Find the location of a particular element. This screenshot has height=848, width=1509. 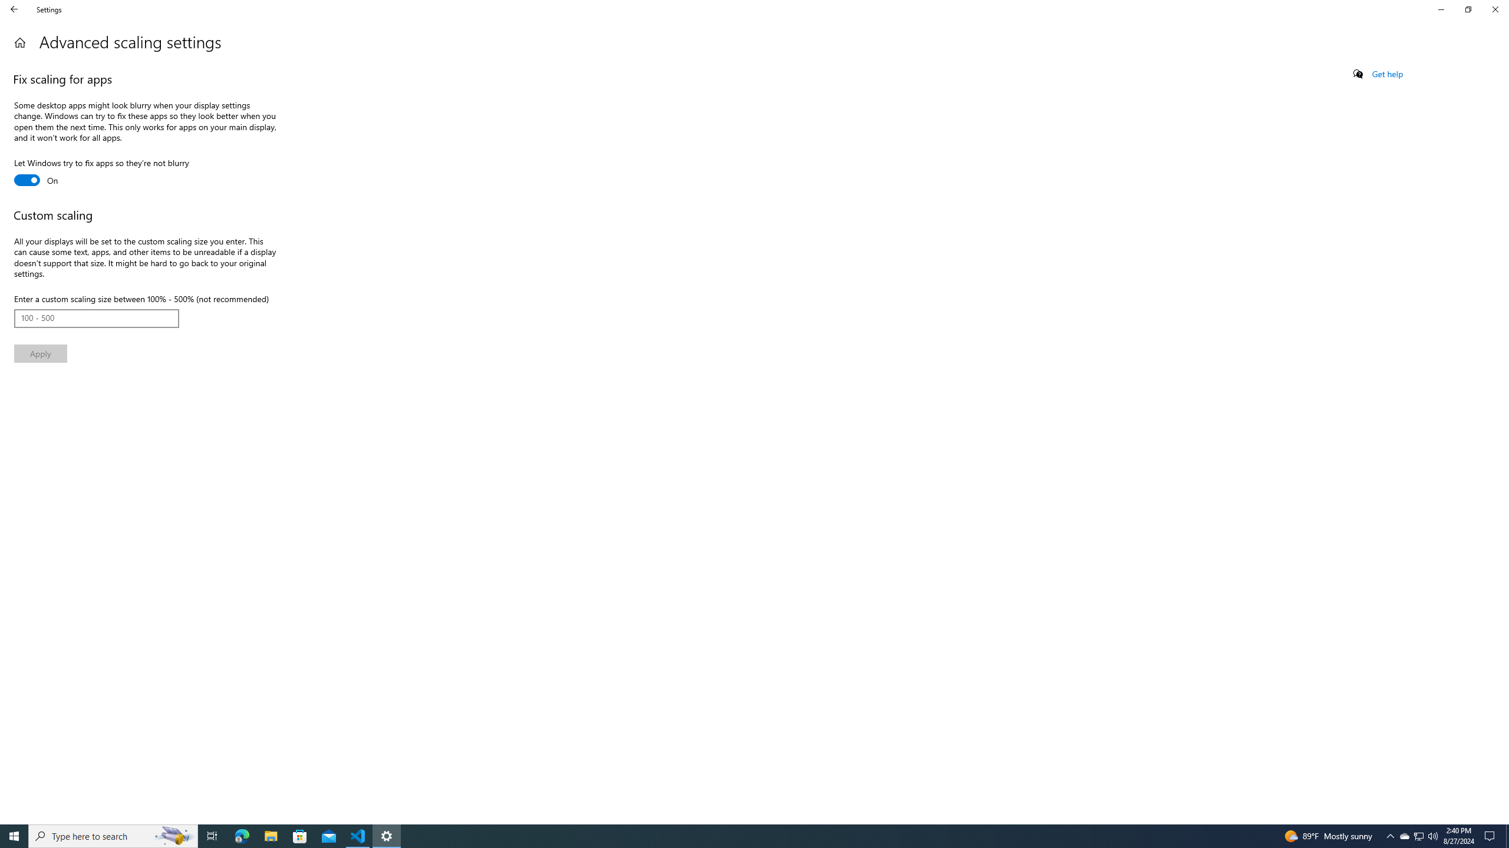

'Restore Settings' is located at coordinates (1468, 9).